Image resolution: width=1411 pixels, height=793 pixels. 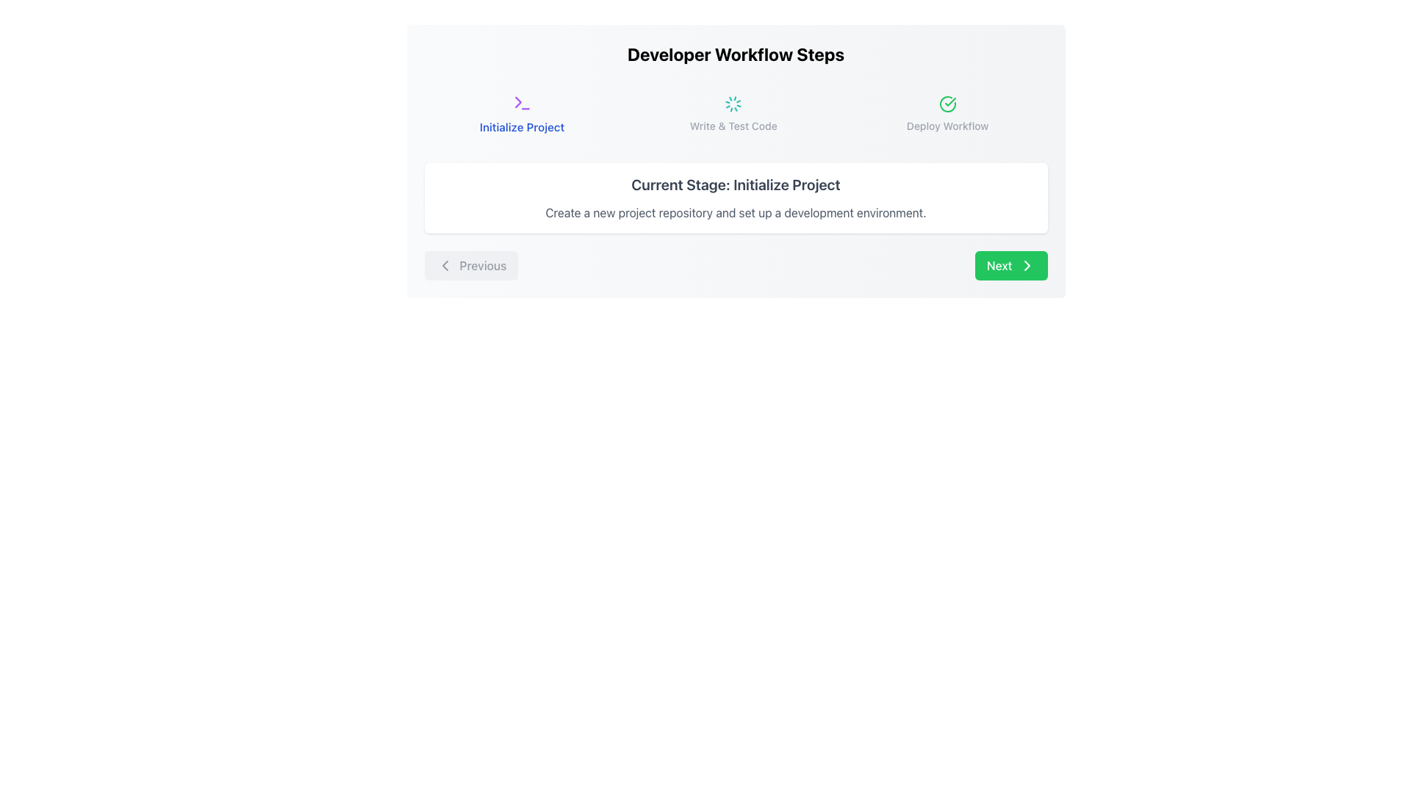 What do you see at coordinates (1026, 266) in the screenshot?
I see `the directional icon` at bounding box center [1026, 266].